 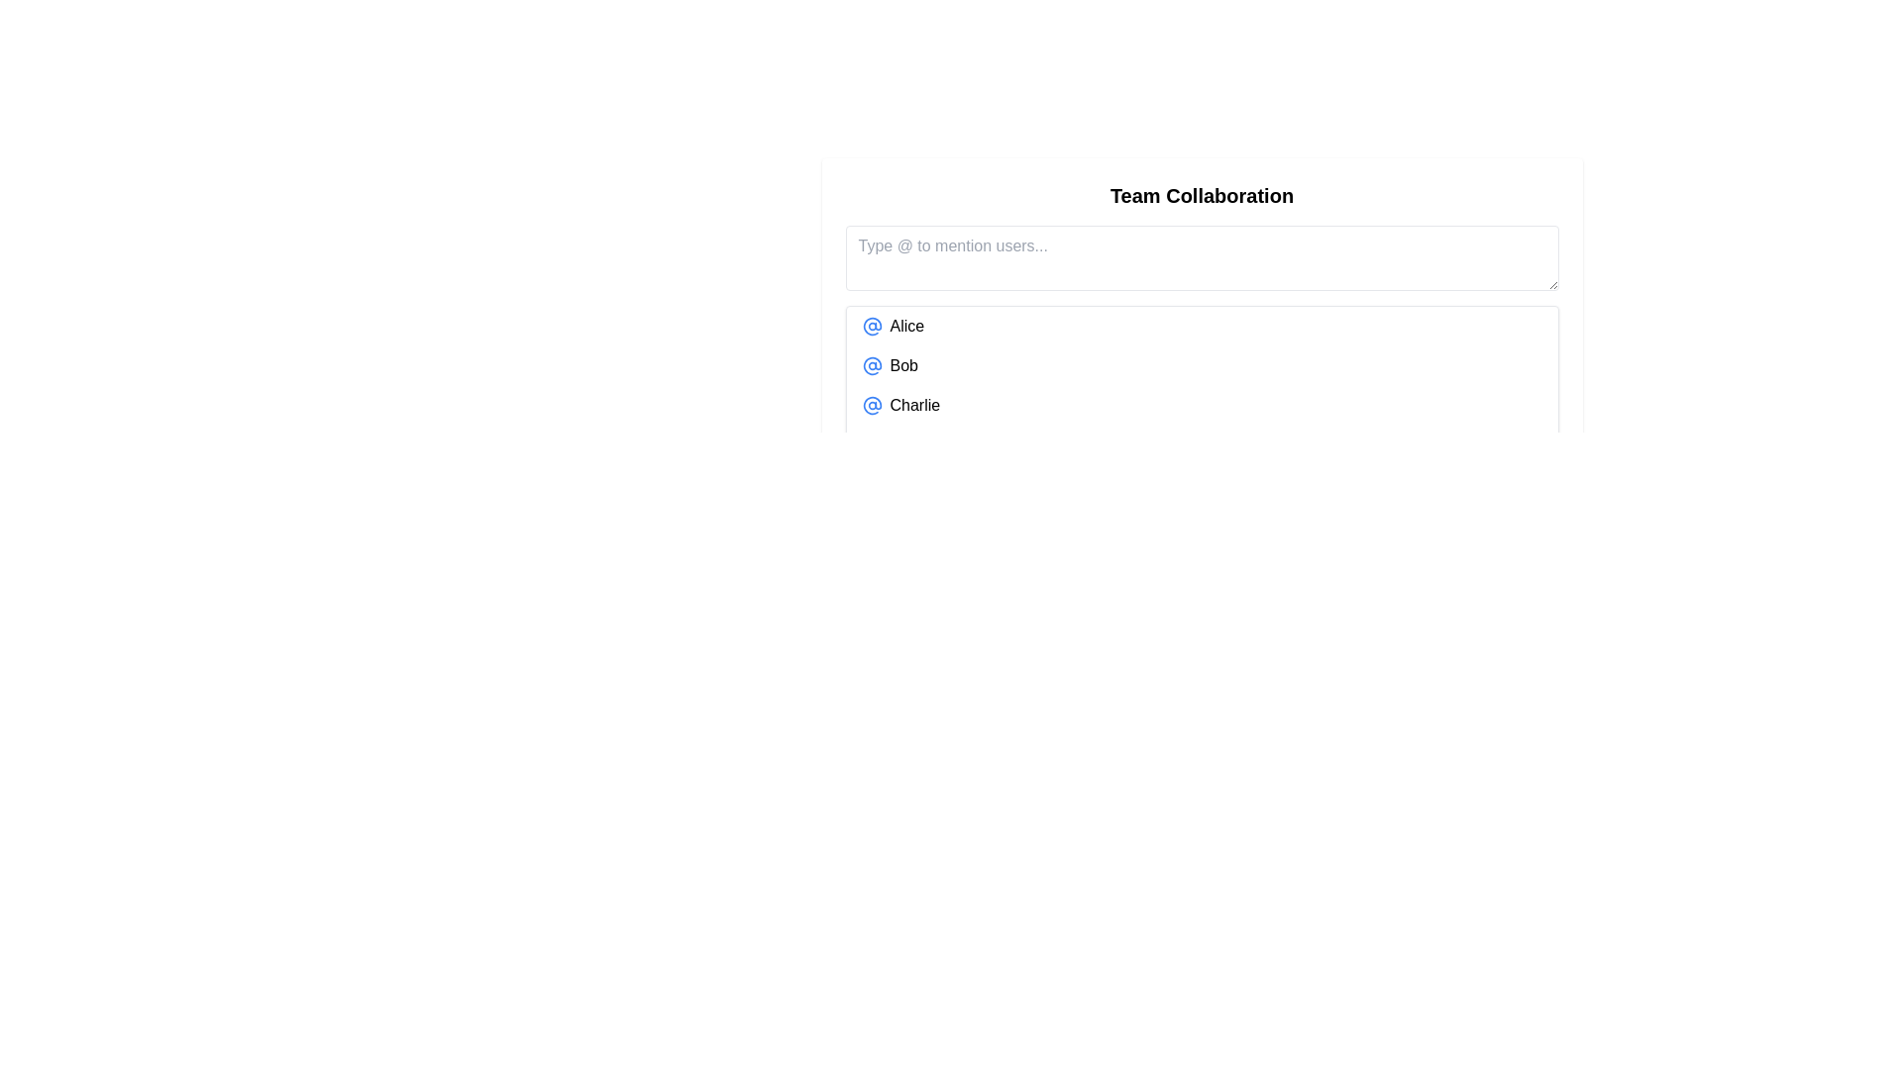 What do you see at coordinates (872, 366) in the screenshot?
I see `the '@' icon that indicates a mention or user handle related to the 'Bob' list entry located in the 'Team Collaboration' section` at bounding box center [872, 366].